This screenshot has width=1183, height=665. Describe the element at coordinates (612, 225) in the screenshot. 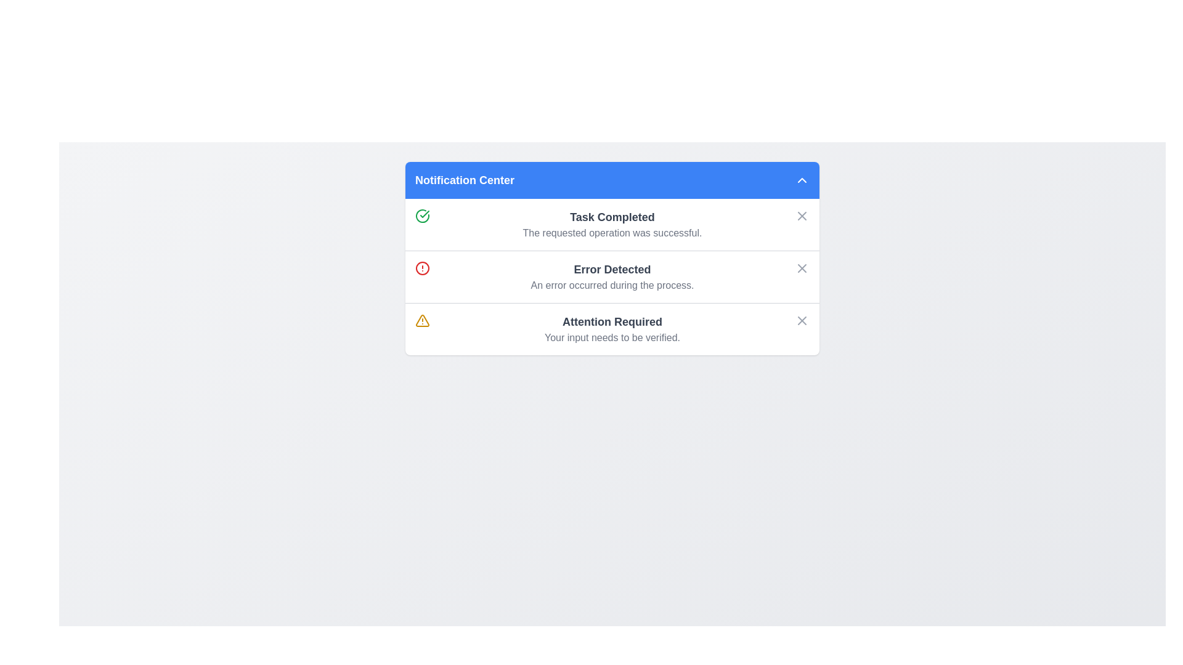

I see `text of the Notification entry located in the first notification block under the 'Notification Center' header, positioned between a green checkmark icon and a close button` at that location.